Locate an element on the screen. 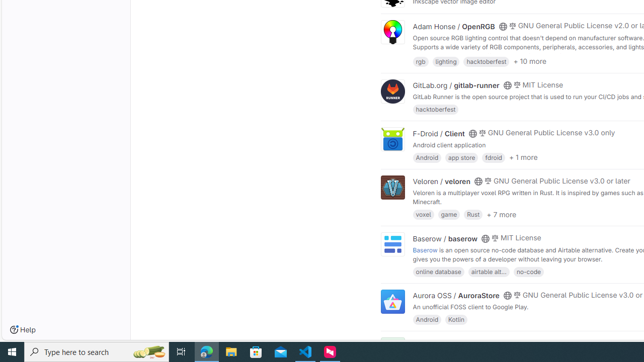 This screenshot has width=644, height=362. 'Veloren / veloren' is located at coordinates (442, 182).